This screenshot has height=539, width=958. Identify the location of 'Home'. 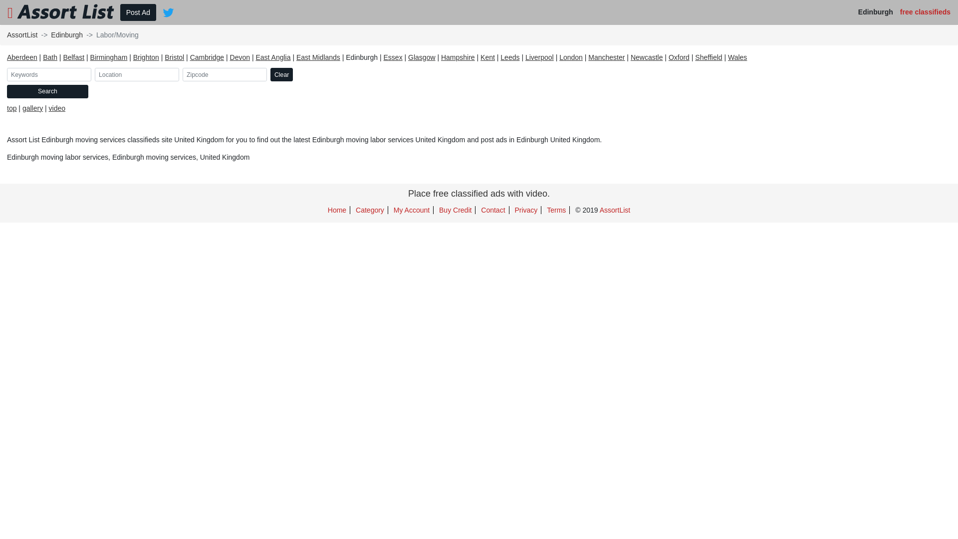
(337, 209).